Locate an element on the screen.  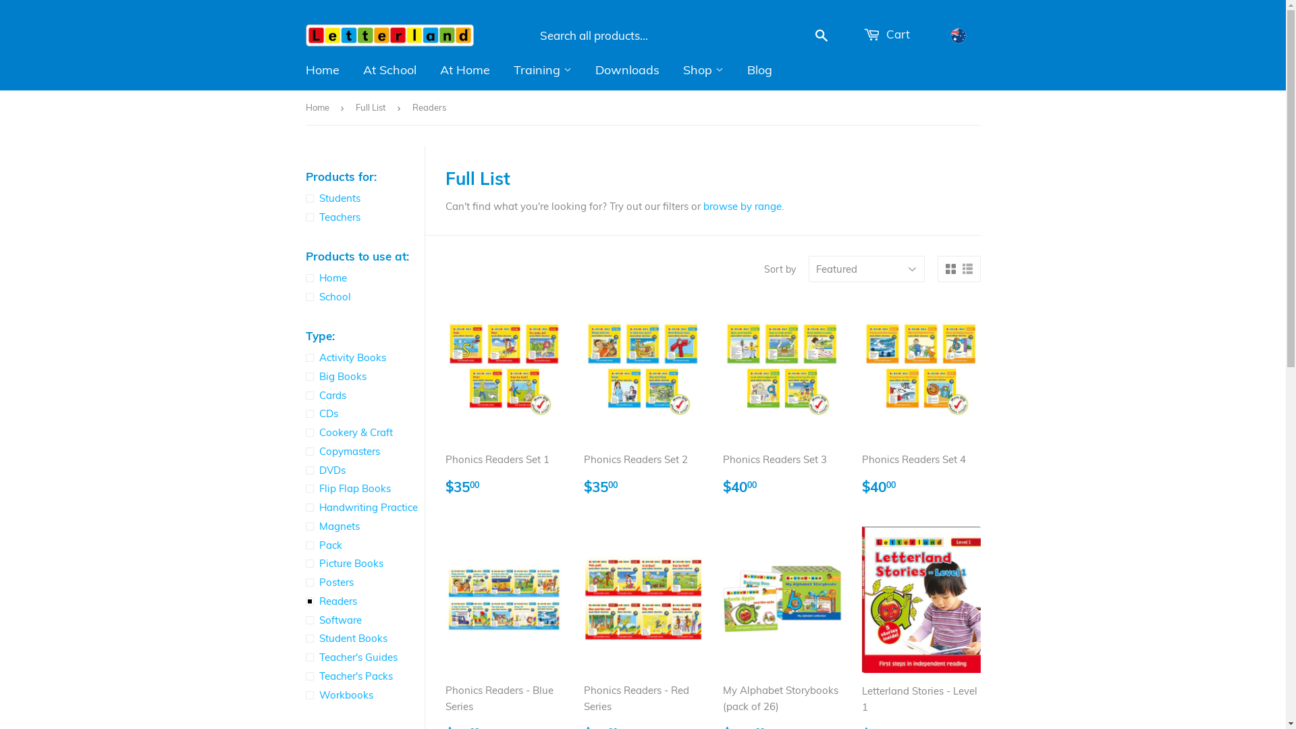
'At Home' is located at coordinates (464, 70).